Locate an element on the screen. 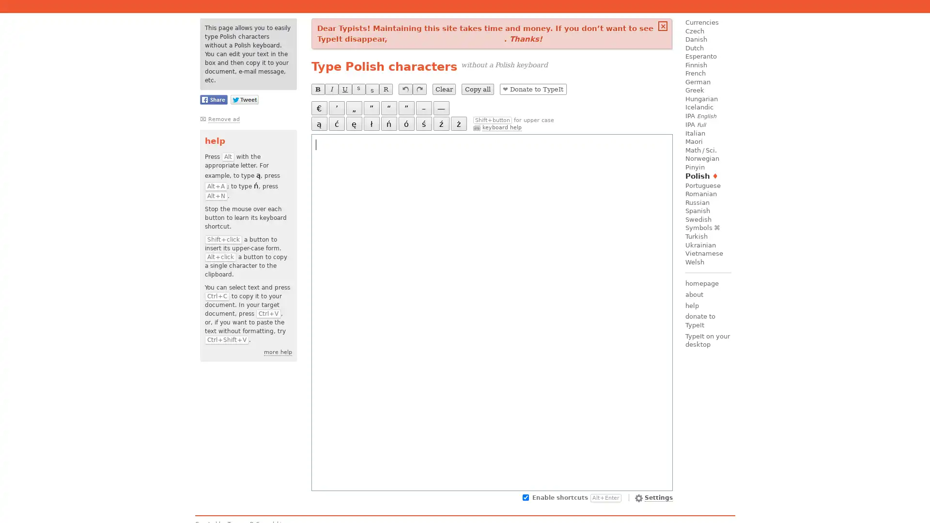 The image size is (930, 523). S is located at coordinates (372, 89).